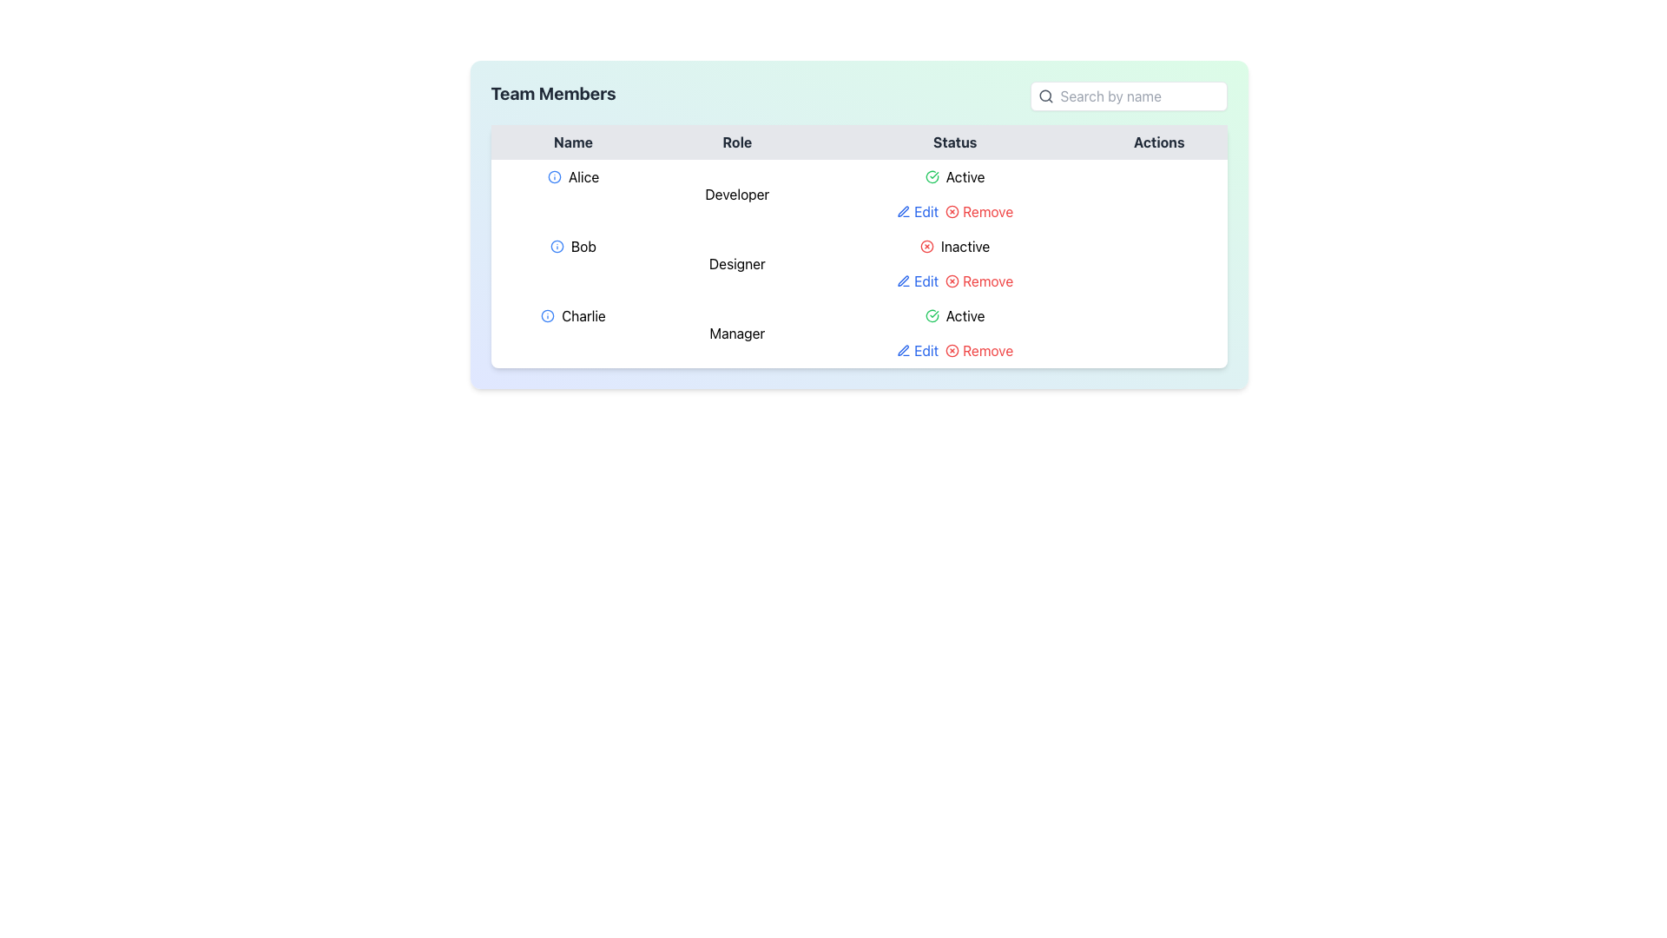  I want to click on text content of the 'Charlie' label element located in the third row under the 'Name' column of the table, so click(573, 315).